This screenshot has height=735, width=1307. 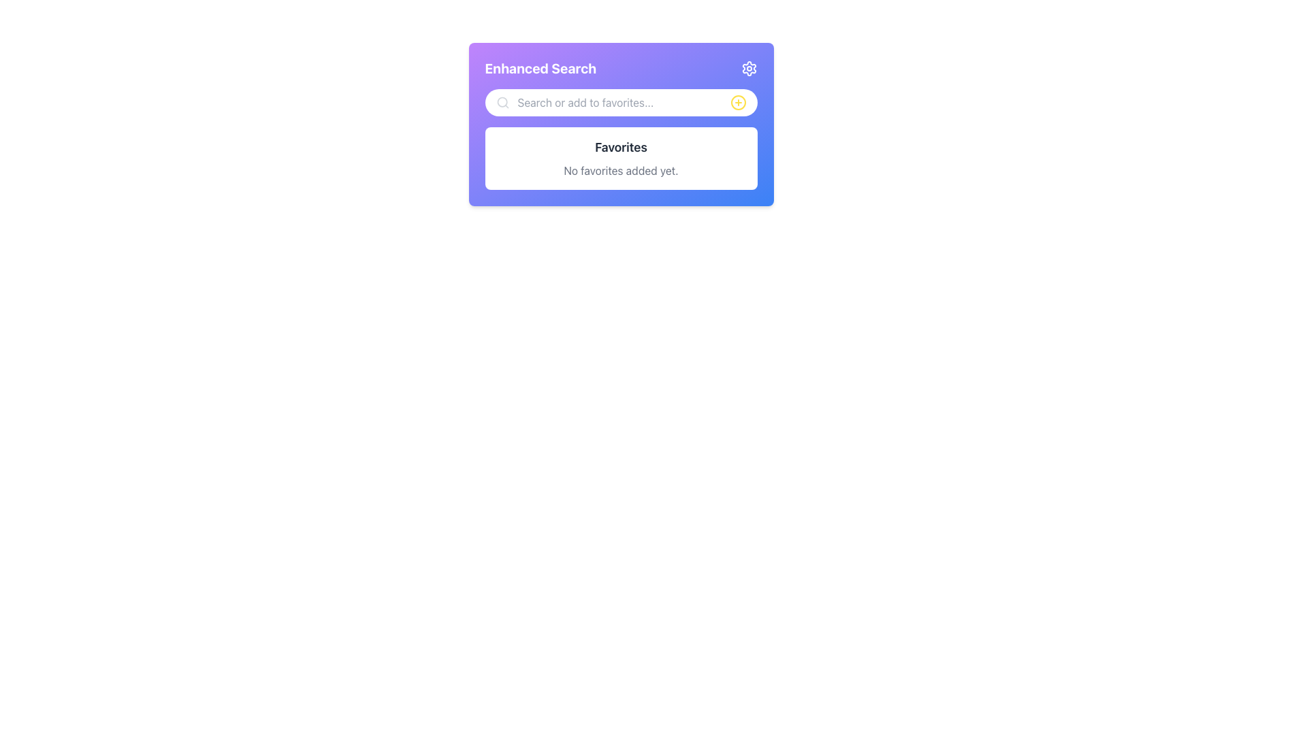 What do you see at coordinates (737, 101) in the screenshot?
I see `the circular yellow Action Button with a '+' sign, located to the far right of the input search bar under 'Enhanced Search'` at bounding box center [737, 101].